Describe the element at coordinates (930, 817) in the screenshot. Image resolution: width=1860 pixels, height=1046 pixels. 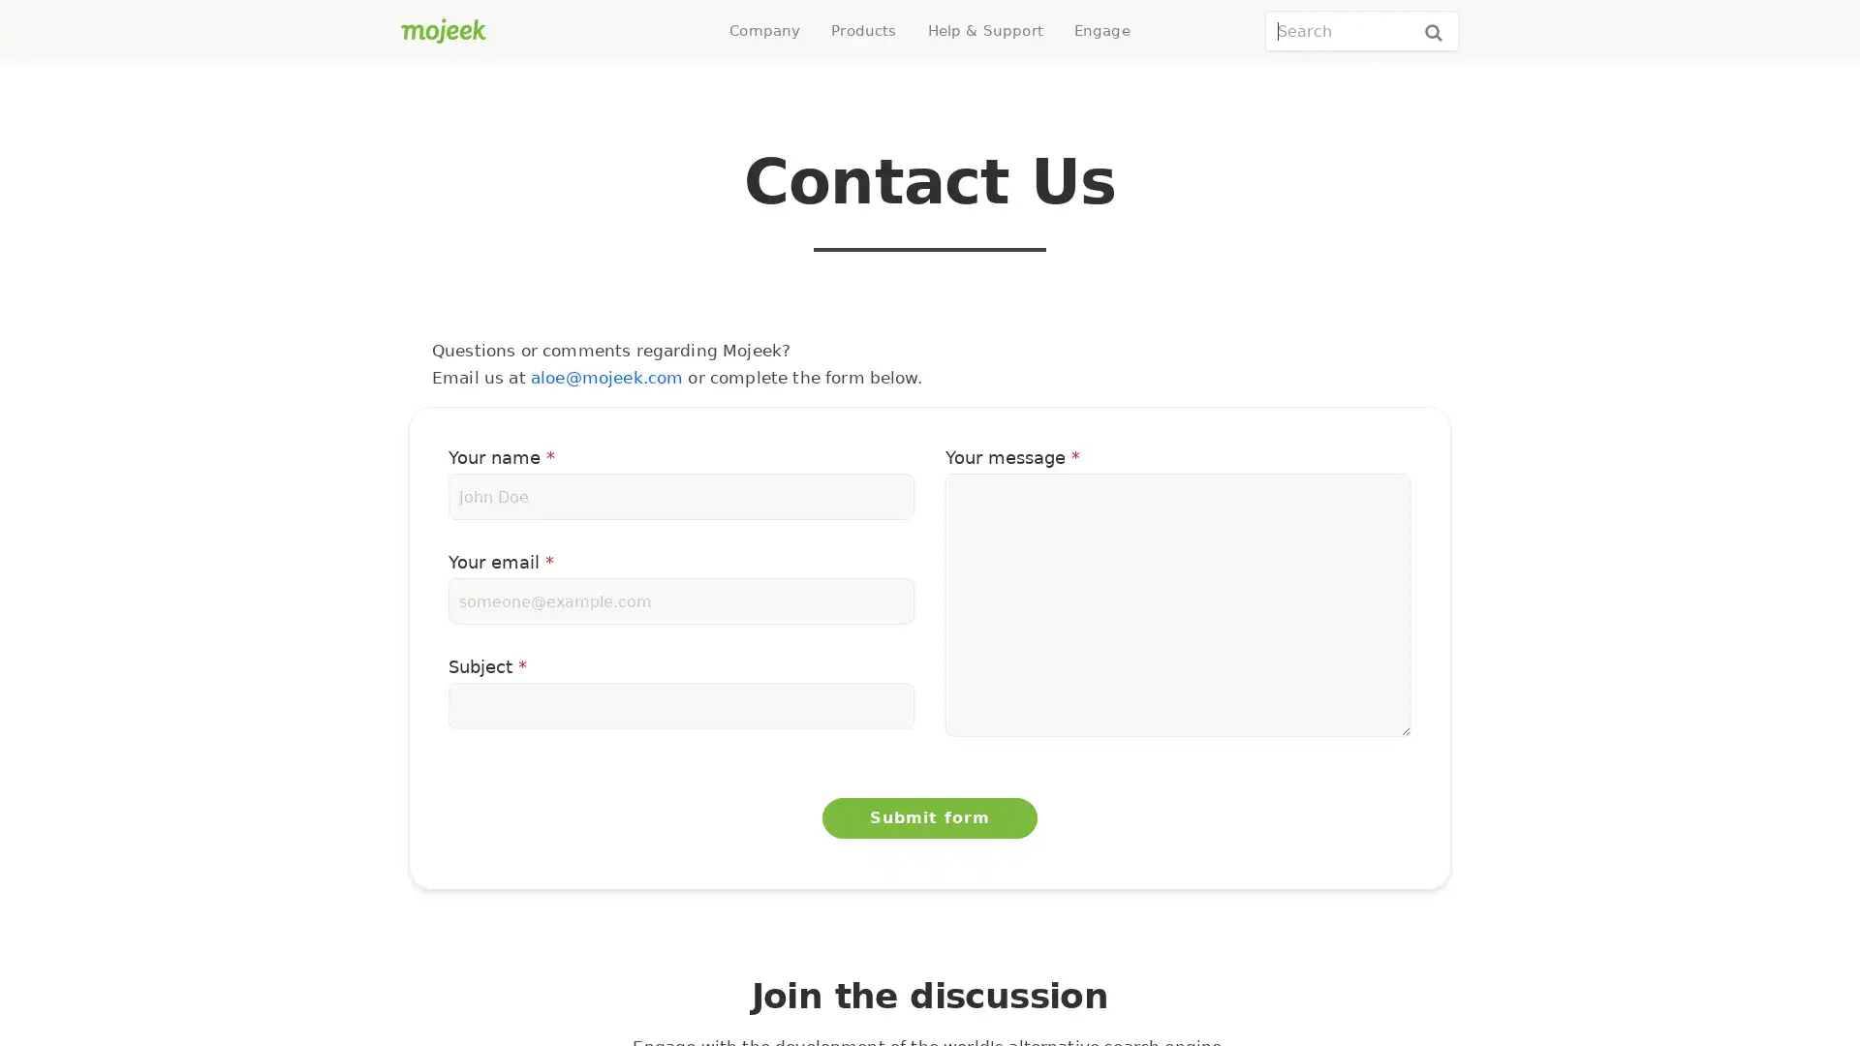
I see `Submit form` at that location.